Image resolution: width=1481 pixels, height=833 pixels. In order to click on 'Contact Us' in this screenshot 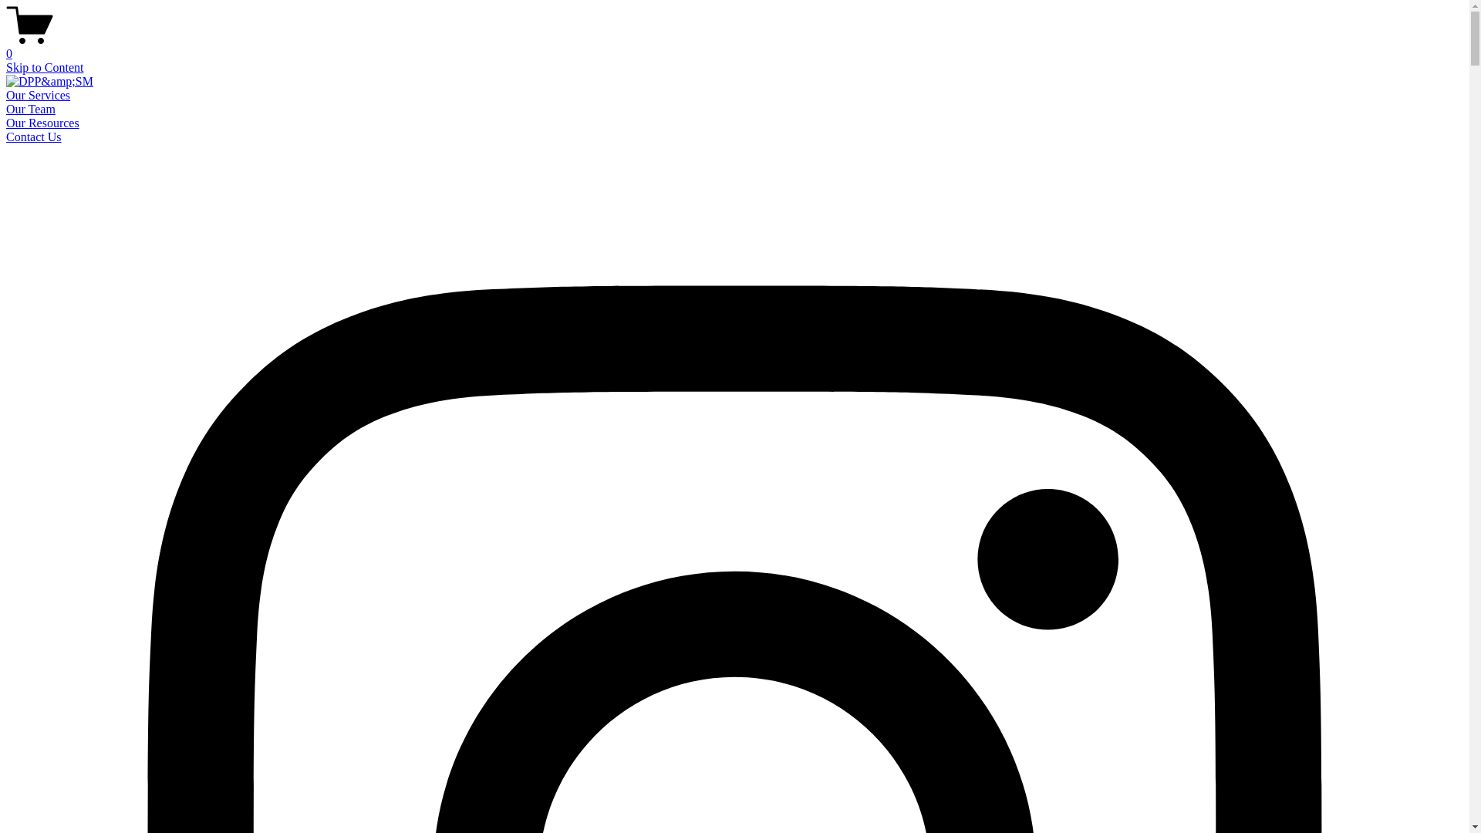, I will do `click(33, 136)`.